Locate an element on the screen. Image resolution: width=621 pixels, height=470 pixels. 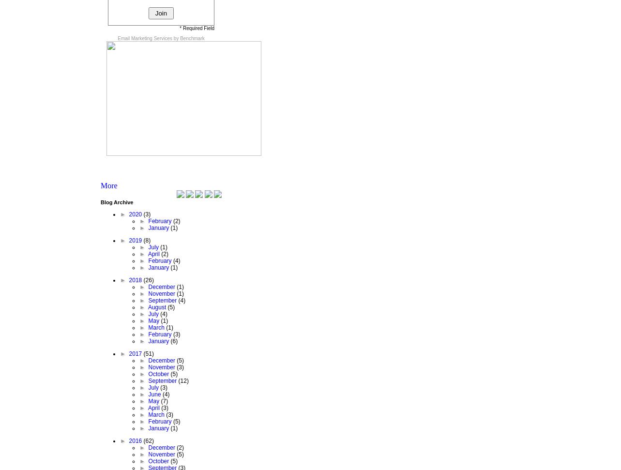
'Blog Archive' is located at coordinates (116, 201).